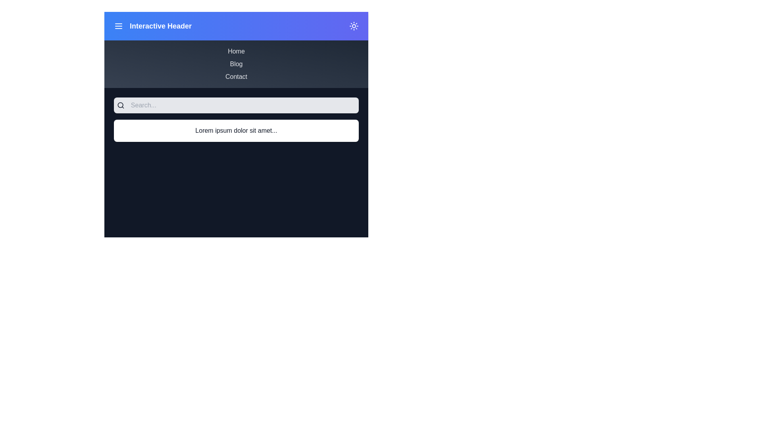 This screenshot has height=428, width=762. I want to click on the informational content section, so click(236, 130).